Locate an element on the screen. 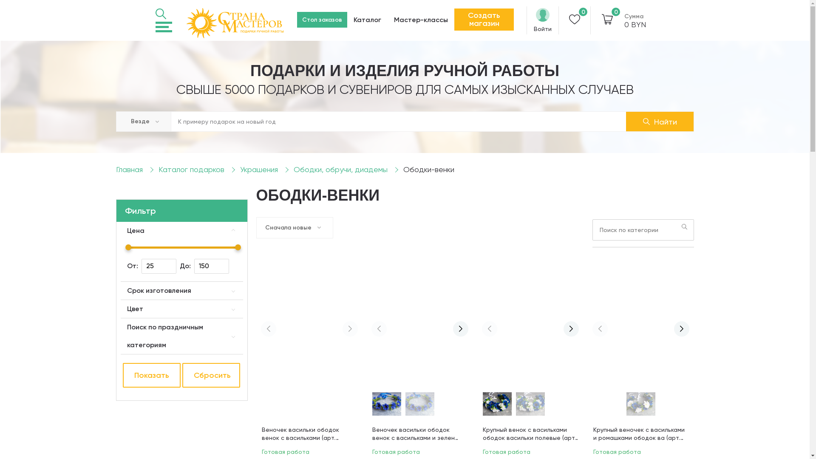 The image size is (816, 459). '0' is located at coordinates (607, 20).